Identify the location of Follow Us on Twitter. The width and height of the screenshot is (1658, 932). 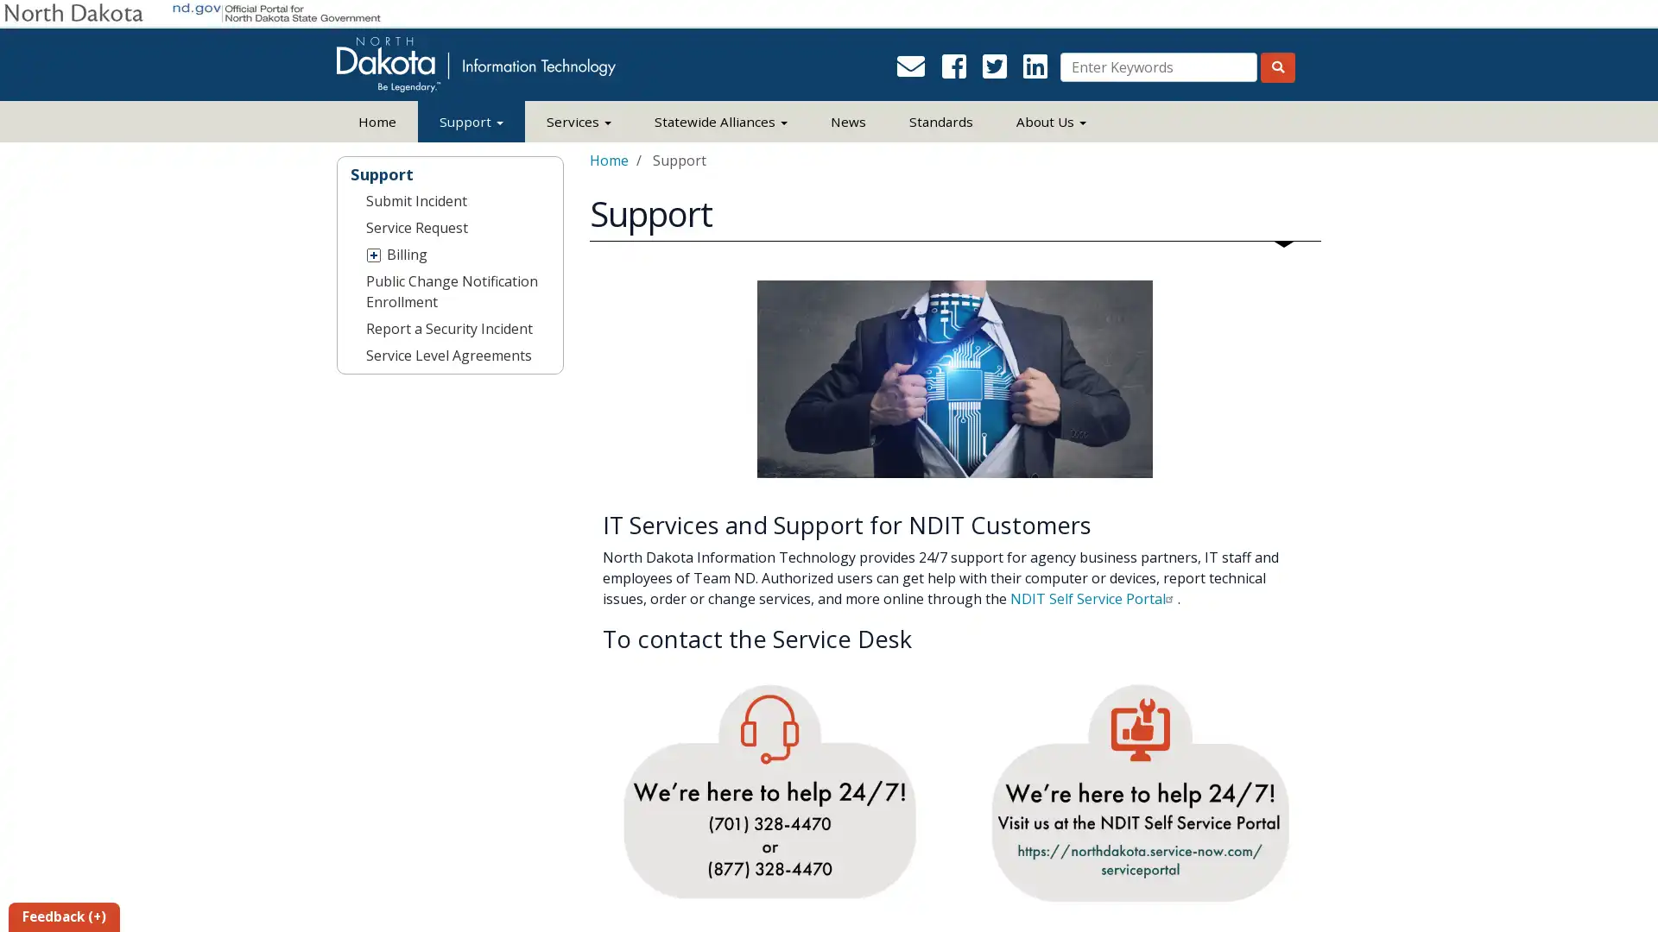
(999, 71).